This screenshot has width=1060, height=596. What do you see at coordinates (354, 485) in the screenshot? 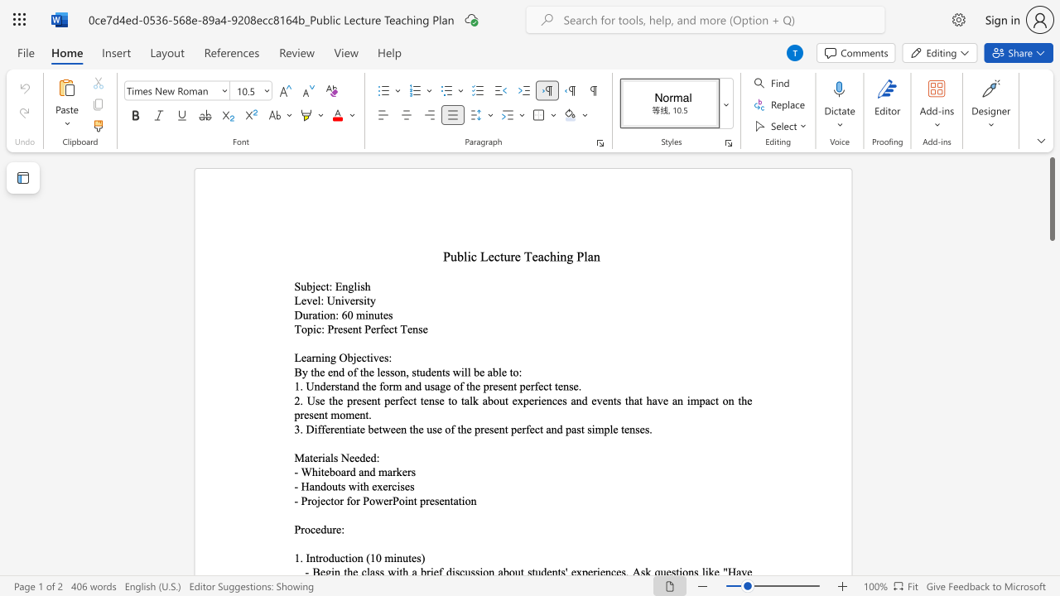
I see `the space between the continuous character "w" and "i" in the text` at bounding box center [354, 485].